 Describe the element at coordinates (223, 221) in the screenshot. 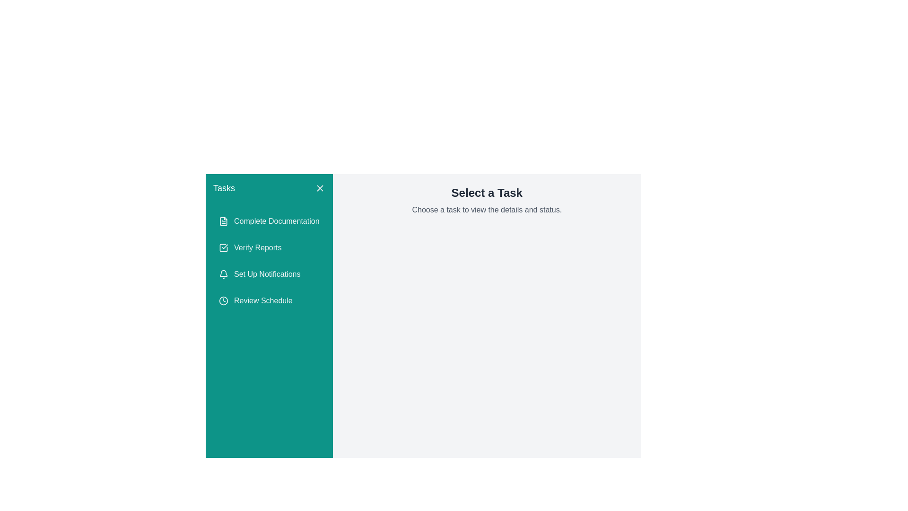

I see `the icon representing the 'Complete Documentation' task option, which is located at the top of the task options list on the left panel` at that location.